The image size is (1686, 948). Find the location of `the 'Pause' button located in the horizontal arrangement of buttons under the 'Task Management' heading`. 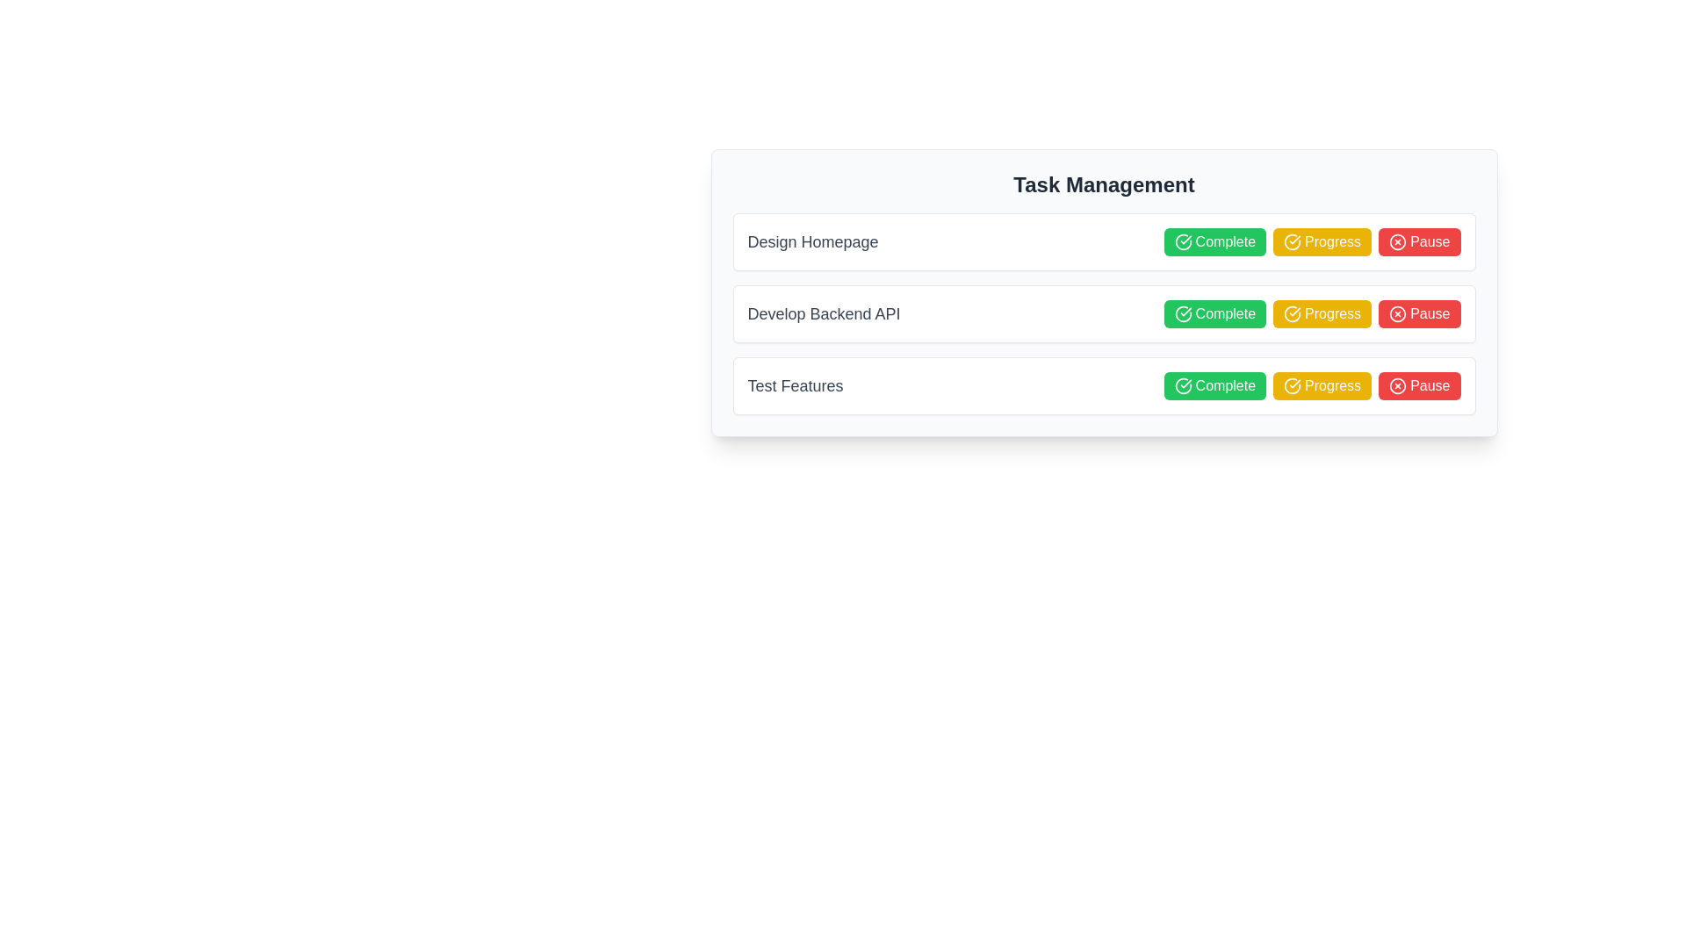

the 'Pause' button located in the horizontal arrangement of buttons under the 'Task Management' heading is located at coordinates (1419, 242).